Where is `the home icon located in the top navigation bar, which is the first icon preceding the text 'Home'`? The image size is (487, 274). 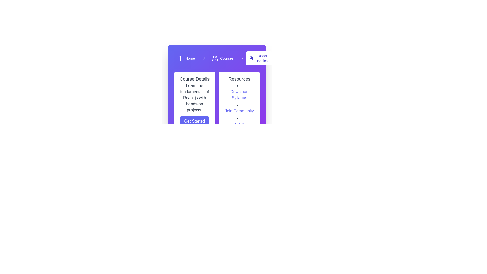
the home icon located in the top navigation bar, which is the first icon preceding the text 'Home' is located at coordinates (180, 58).